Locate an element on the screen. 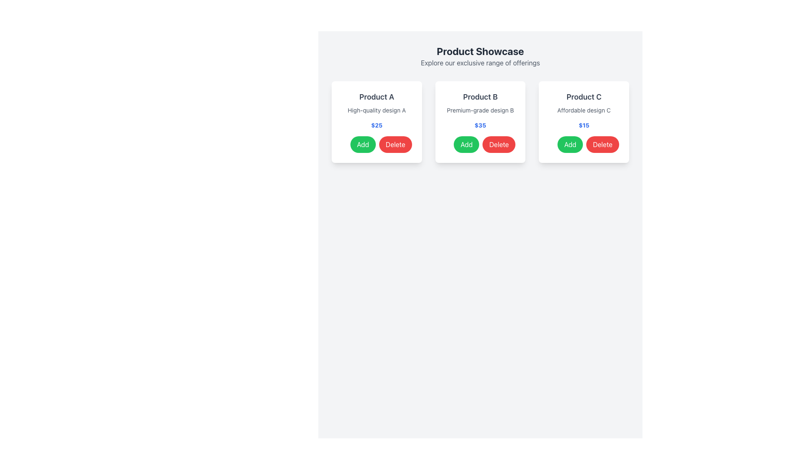 This screenshot has width=800, height=450. the static text element displaying 'Explore our exclusive range of offerings.' which is styled in gray and positioned below the title 'Product Showcase.' is located at coordinates (480, 62).